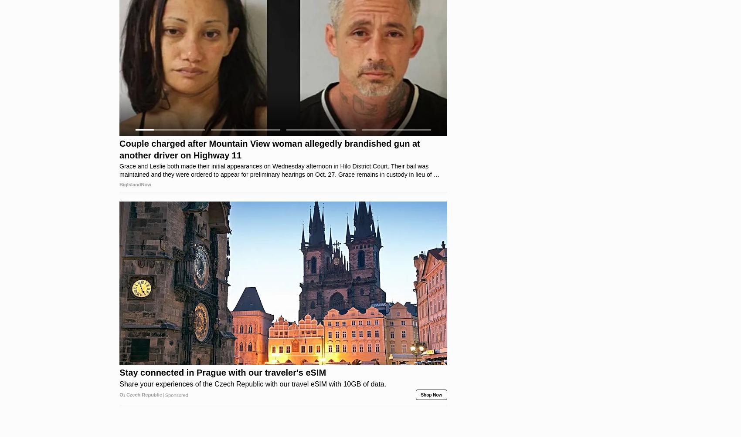  Describe the element at coordinates (165, 158) in the screenshot. I see `'Sponsored'` at that location.